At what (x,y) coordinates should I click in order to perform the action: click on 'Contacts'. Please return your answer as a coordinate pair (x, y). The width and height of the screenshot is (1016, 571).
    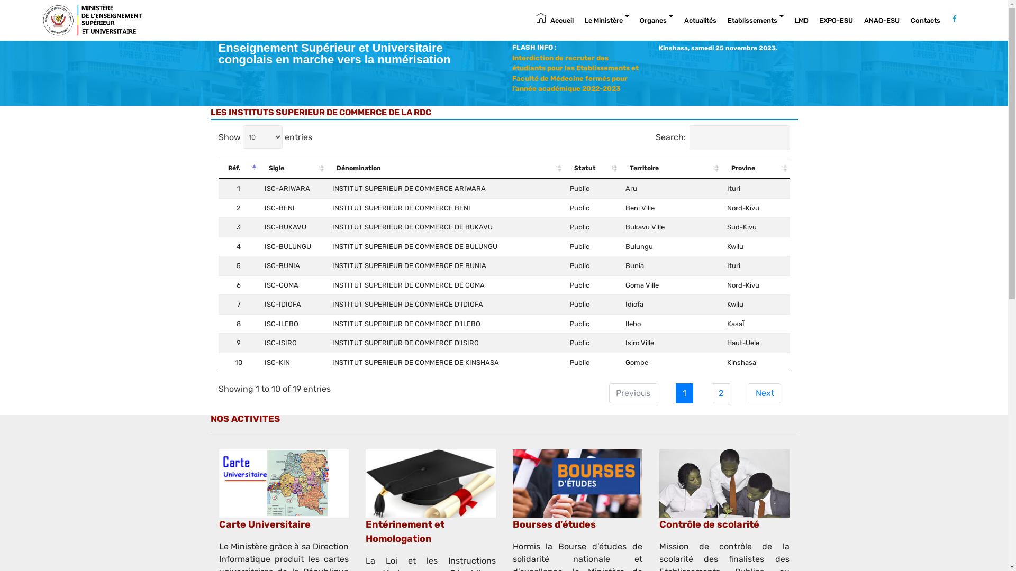
    Looking at the image, I should click on (924, 20).